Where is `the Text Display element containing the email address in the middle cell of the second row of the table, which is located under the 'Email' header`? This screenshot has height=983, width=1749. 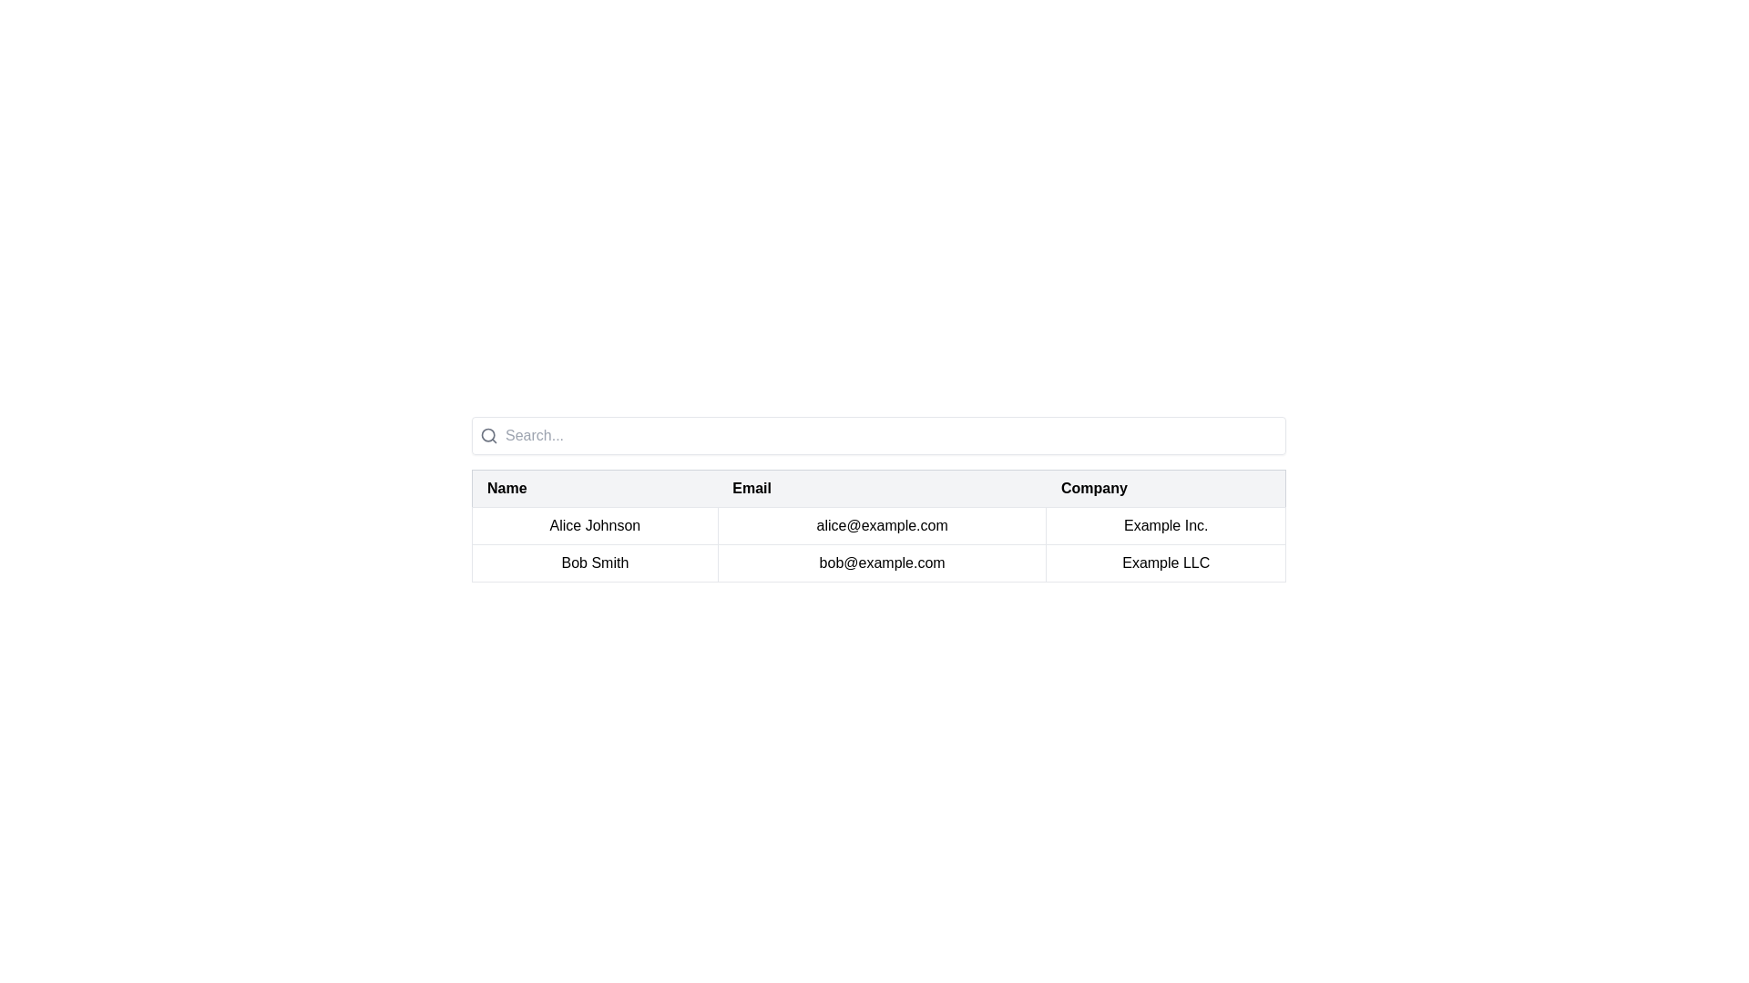 the Text Display element containing the email address in the middle cell of the second row of the table, which is located under the 'Email' header is located at coordinates (882, 562).